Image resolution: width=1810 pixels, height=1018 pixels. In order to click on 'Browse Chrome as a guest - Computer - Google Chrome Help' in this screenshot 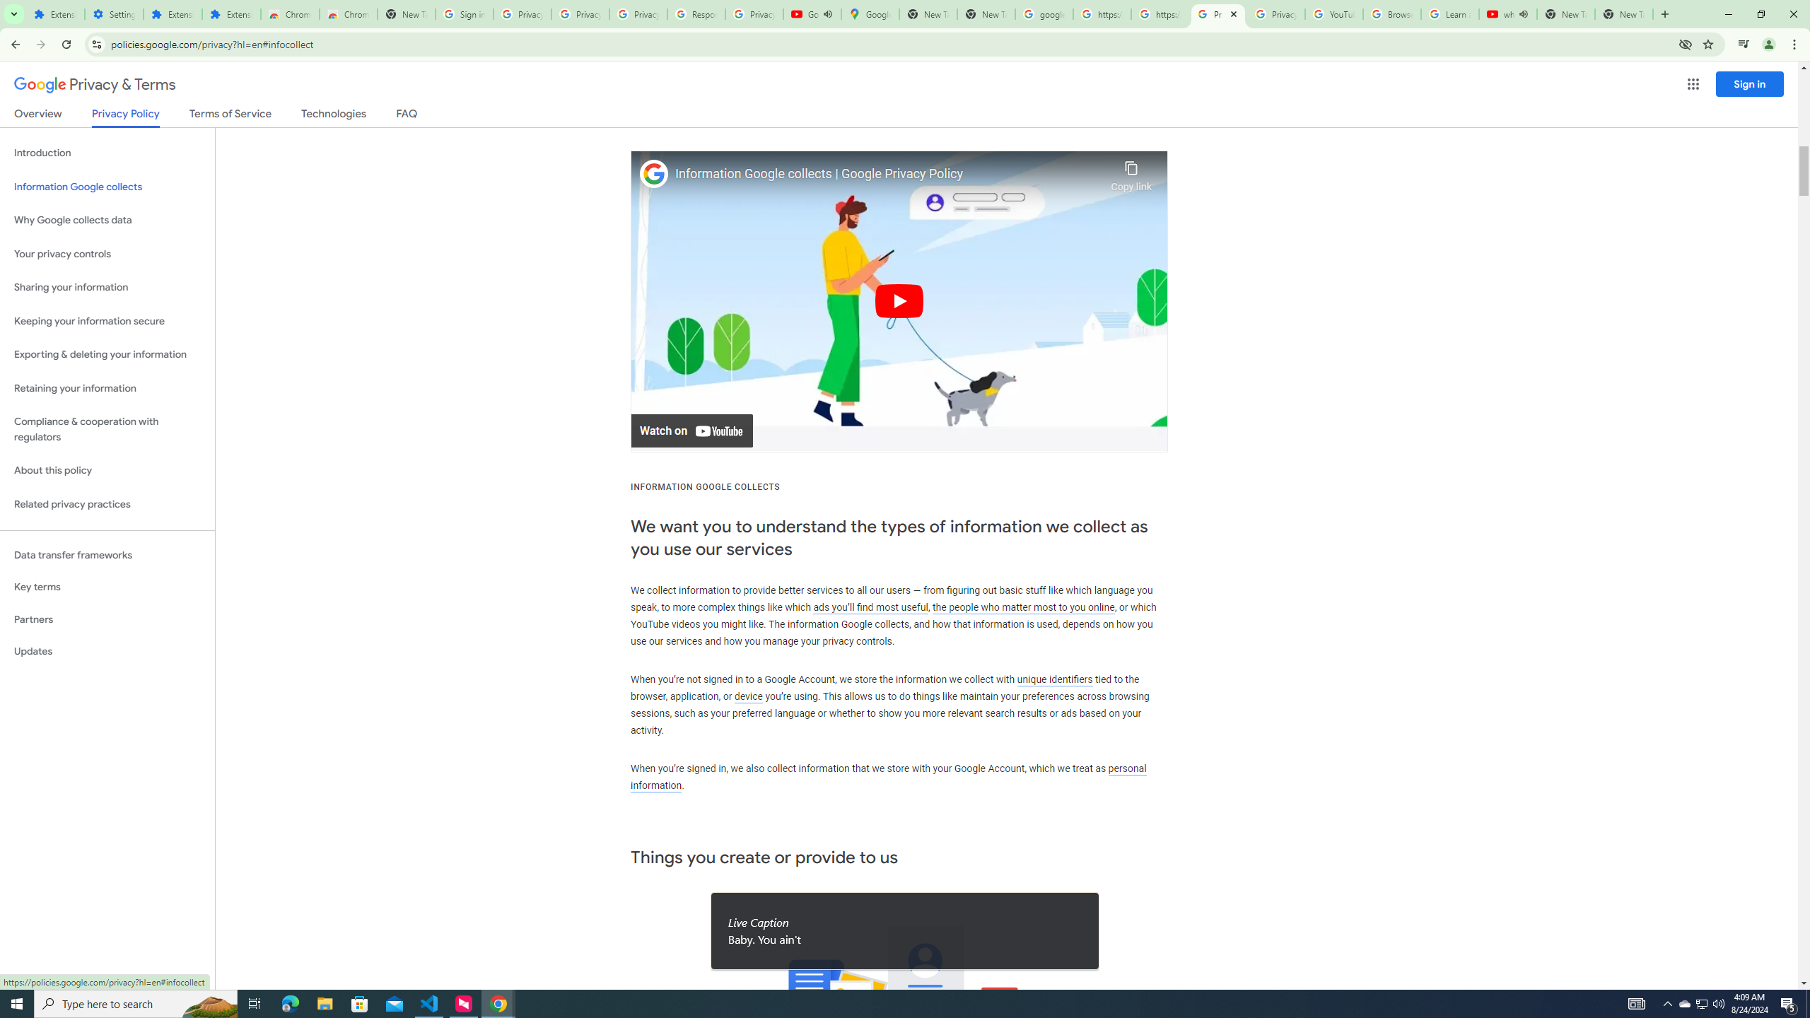, I will do `click(1391, 13)`.